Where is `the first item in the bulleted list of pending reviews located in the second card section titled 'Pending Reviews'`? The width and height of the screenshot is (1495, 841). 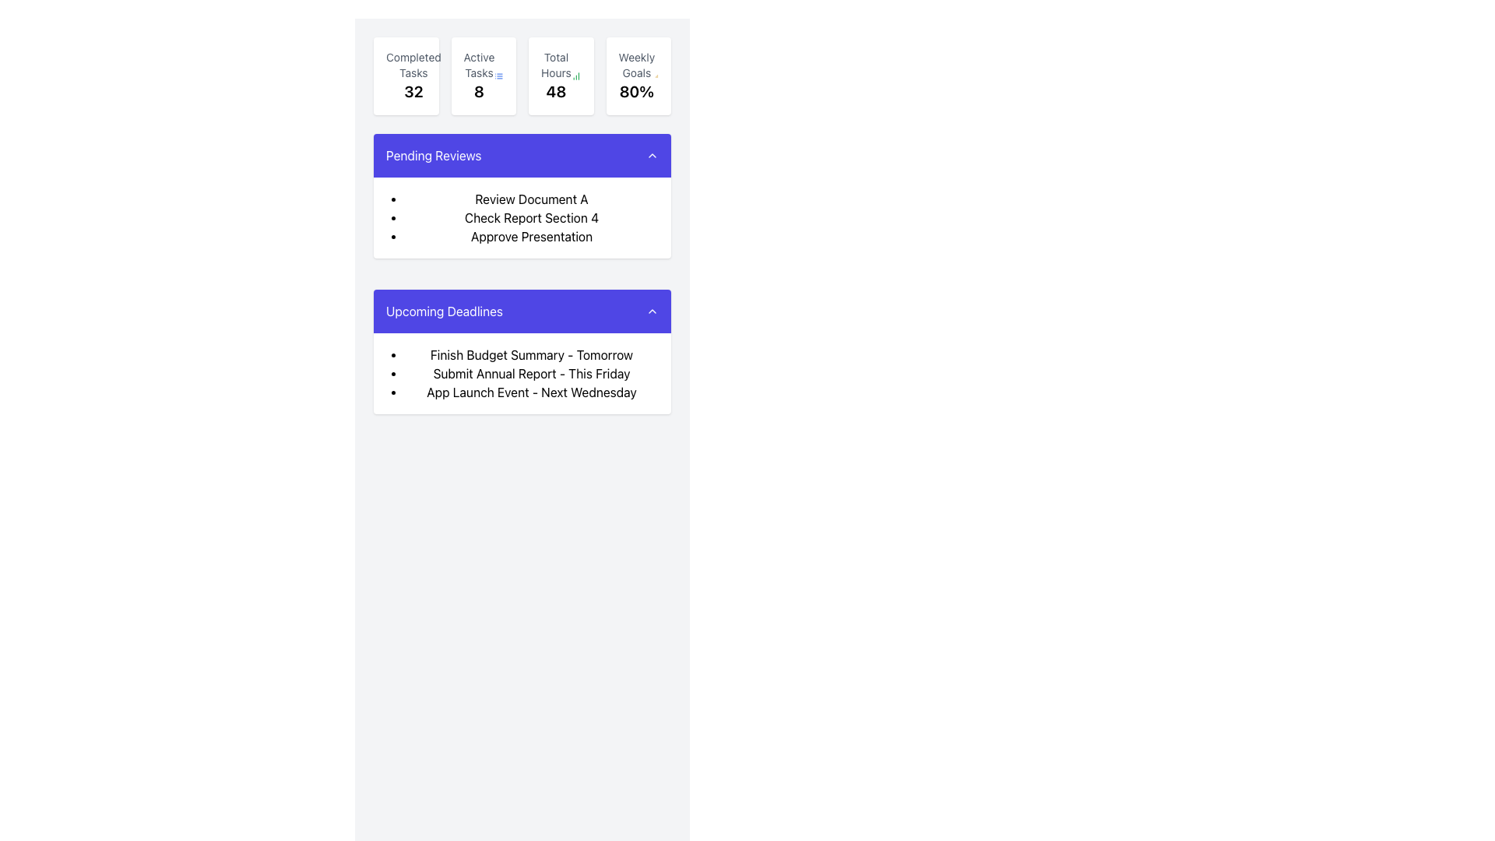 the first item in the bulleted list of pending reviews located in the second card section titled 'Pending Reviews' is located at coordinates (531, 198).